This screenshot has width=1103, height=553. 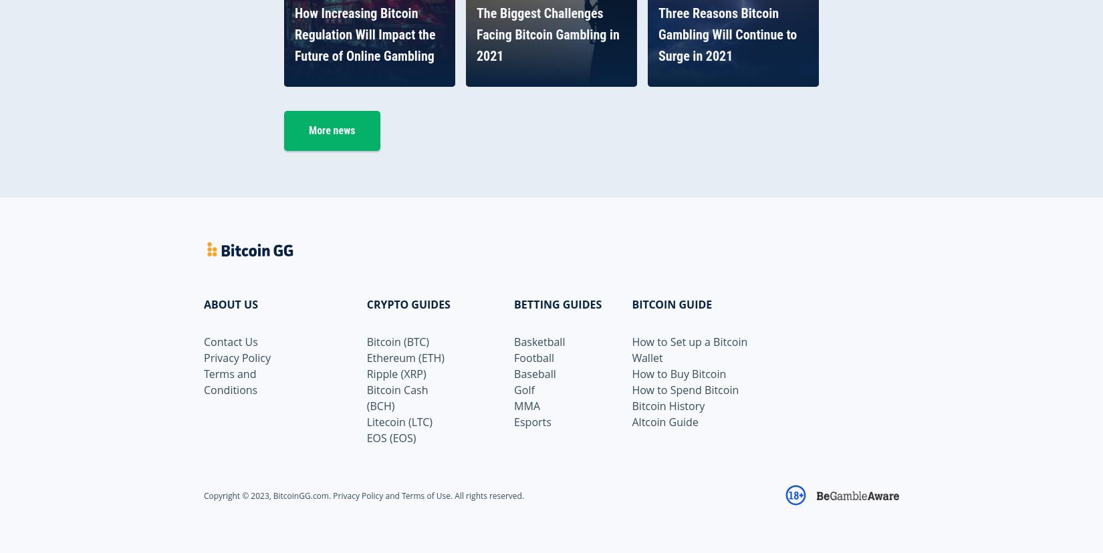 What do you see at coordinates (547, 33) in the screenshot?
I see `'The Biggest Challenges Facing Bitcoin Gambling in 2021'` at bounding box center [547, 33].